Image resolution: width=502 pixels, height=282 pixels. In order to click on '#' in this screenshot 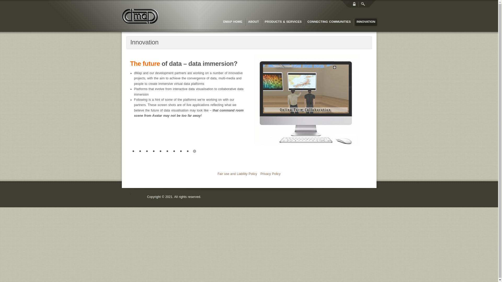, I will do `click(188, 151)`.